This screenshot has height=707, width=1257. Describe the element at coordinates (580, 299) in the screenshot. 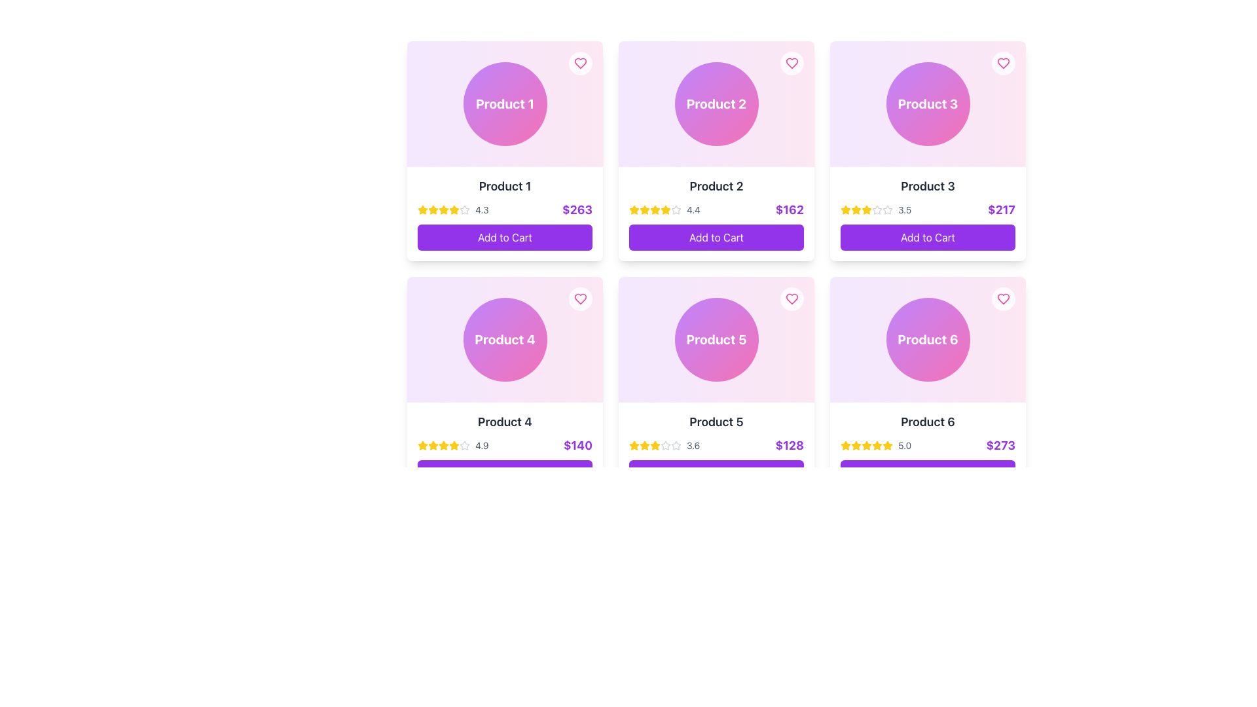

I see `the favorite icon located in the top-right corner of the card labeled 'Product 4'` at that location.